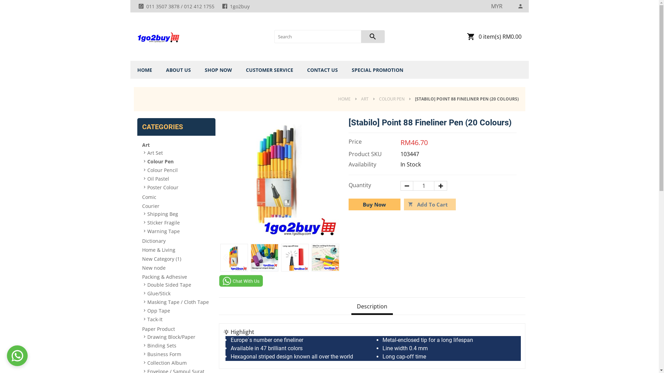  Describe the element at coordinates (179, 354) in the screenshot. I see `'Business Form'` at that location.